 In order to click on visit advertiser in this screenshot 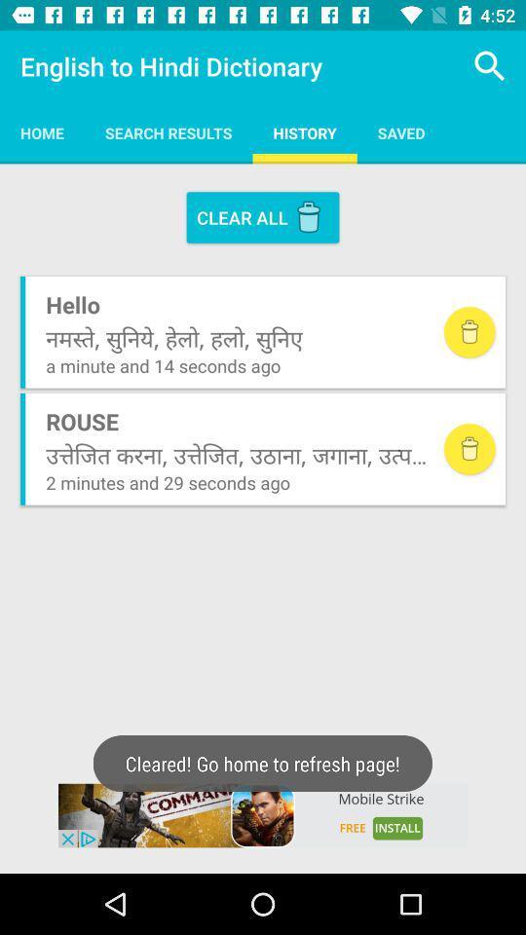, I will do `click(263, 815)`.